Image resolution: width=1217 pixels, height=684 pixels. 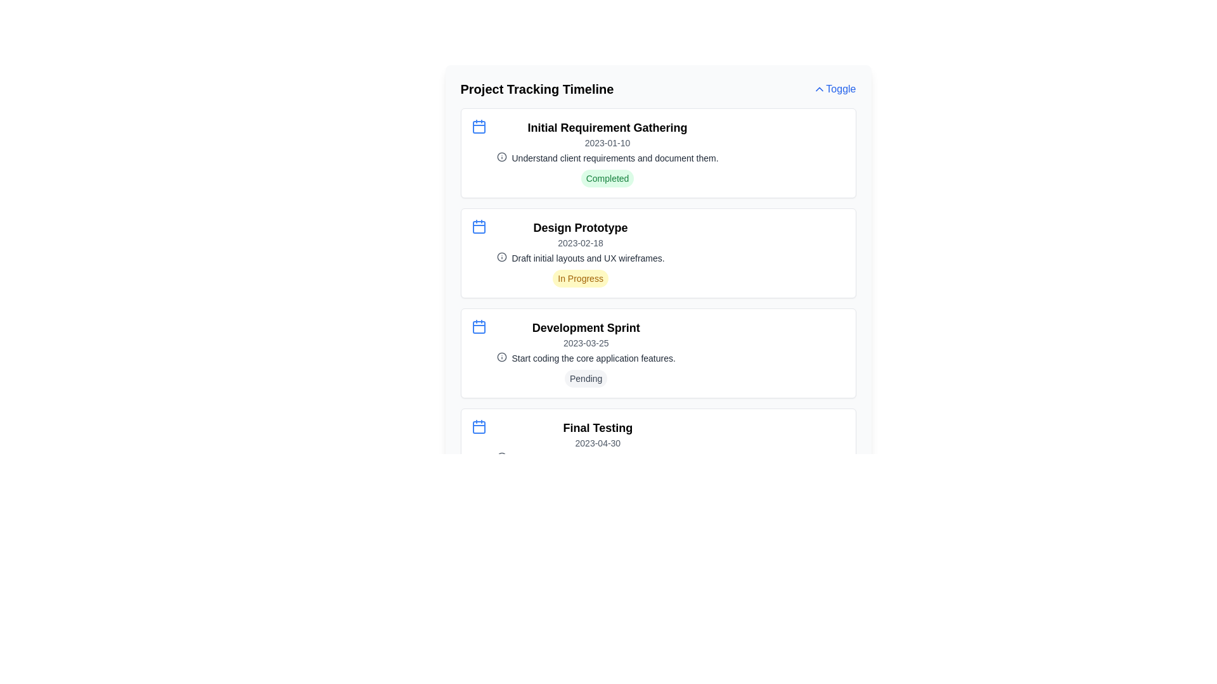 What do you see at coordinates (597, 479) in the screenshot?
I see `the status indicator badge for the 'Final Testing' task, which currently displays 'Pending'` at bounding box center [597, 479].